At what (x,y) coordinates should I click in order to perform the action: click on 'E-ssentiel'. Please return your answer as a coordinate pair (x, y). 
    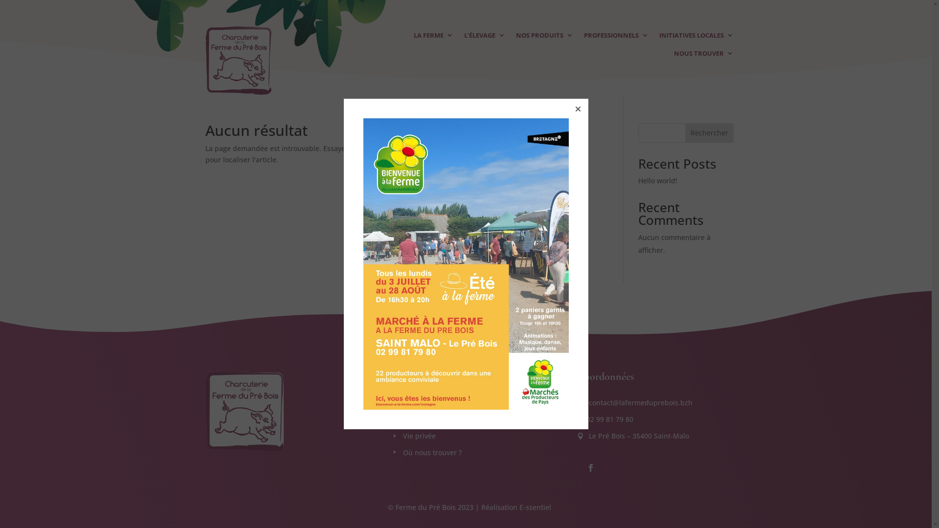
    Looking at the image, I should click on (535, 506).